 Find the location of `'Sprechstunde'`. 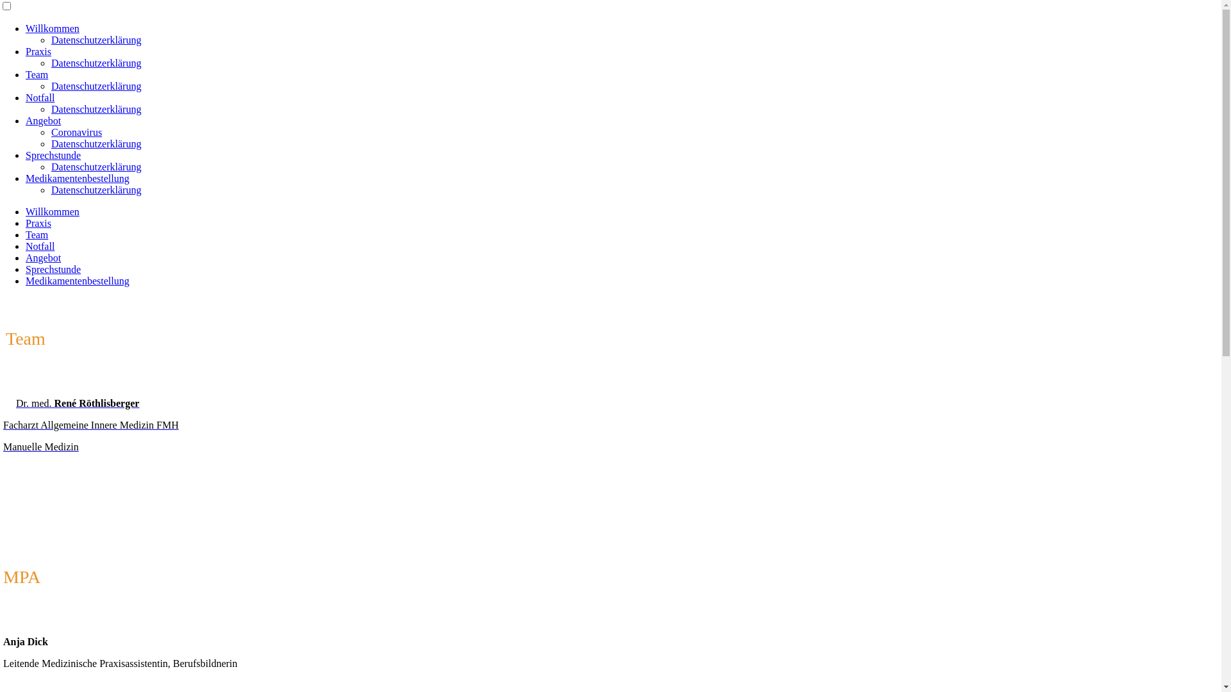

'Sprechstunde' is located at coordinates (52, 268).